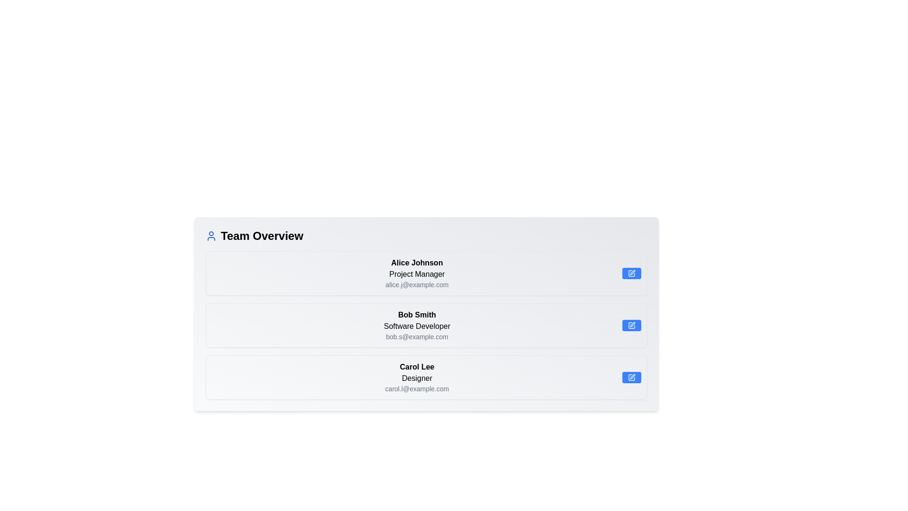 The height and width of the screenshot is (511, 908). Describe the element at coordinates (417, 377) in the screenshot. I see `information presented in the Profile summary card for 'Carol Lee', which includes the name, profession title, and email address` at that location.